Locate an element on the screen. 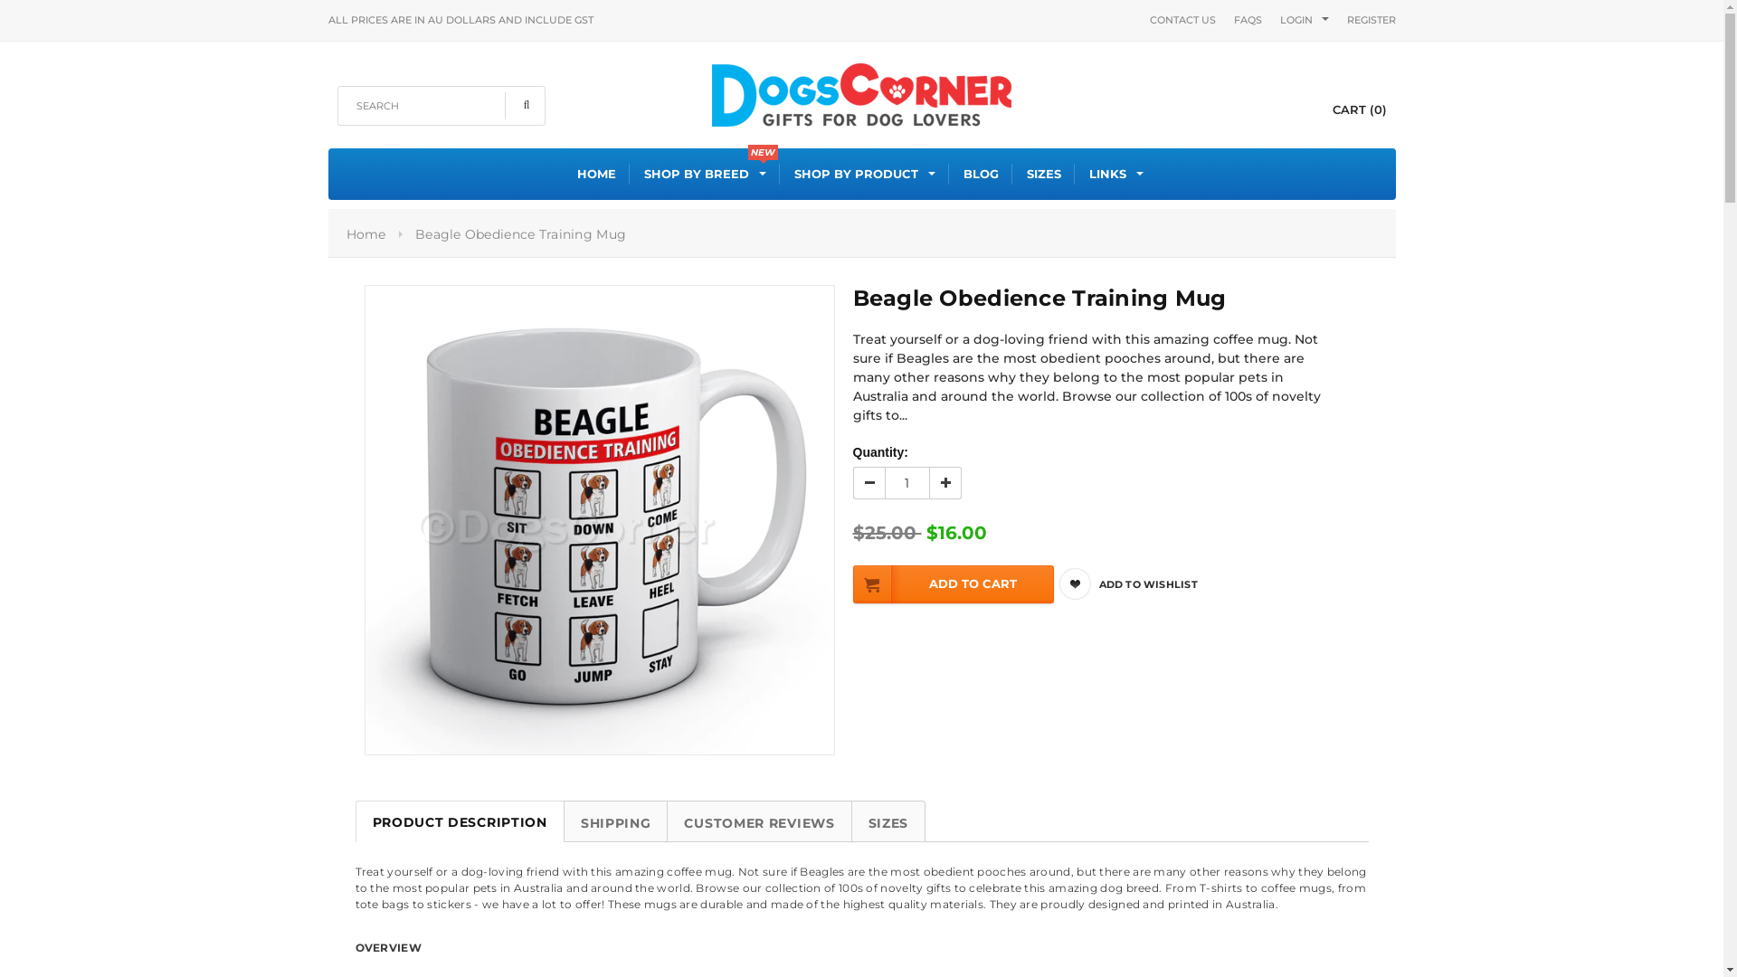  'CONTACT US' is located at coordinates (1182, 20).